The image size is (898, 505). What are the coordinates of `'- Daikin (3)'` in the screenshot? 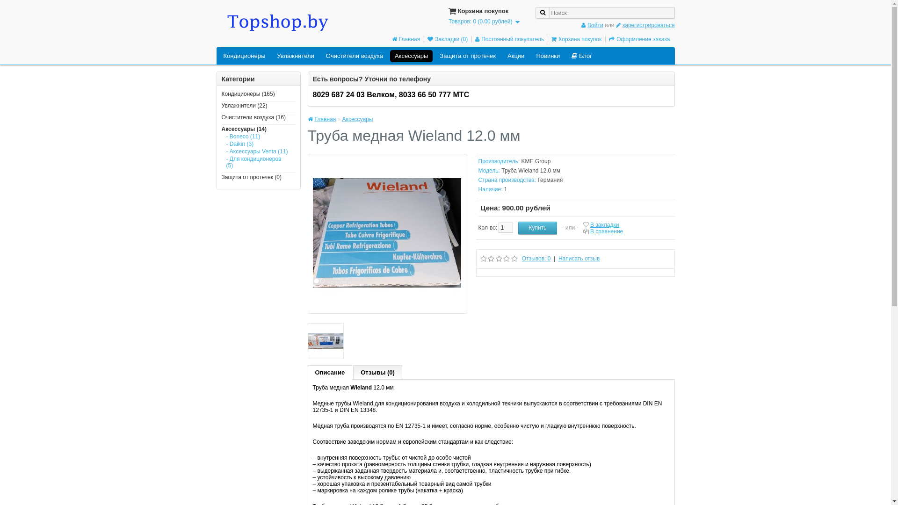 It's located at (258, 144).